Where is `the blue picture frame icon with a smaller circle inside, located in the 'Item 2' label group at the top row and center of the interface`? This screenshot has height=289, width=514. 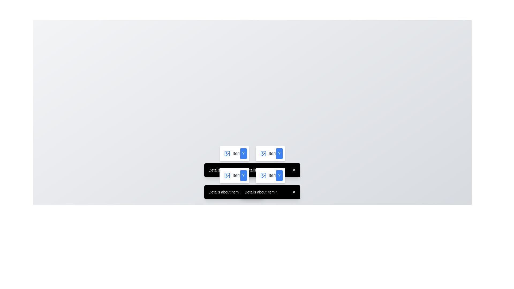
the blue picture frame icon with a smaller circle inside, located in the 'Item 2' label group at the top row and center of the interface is located at coordinates (263, 154).